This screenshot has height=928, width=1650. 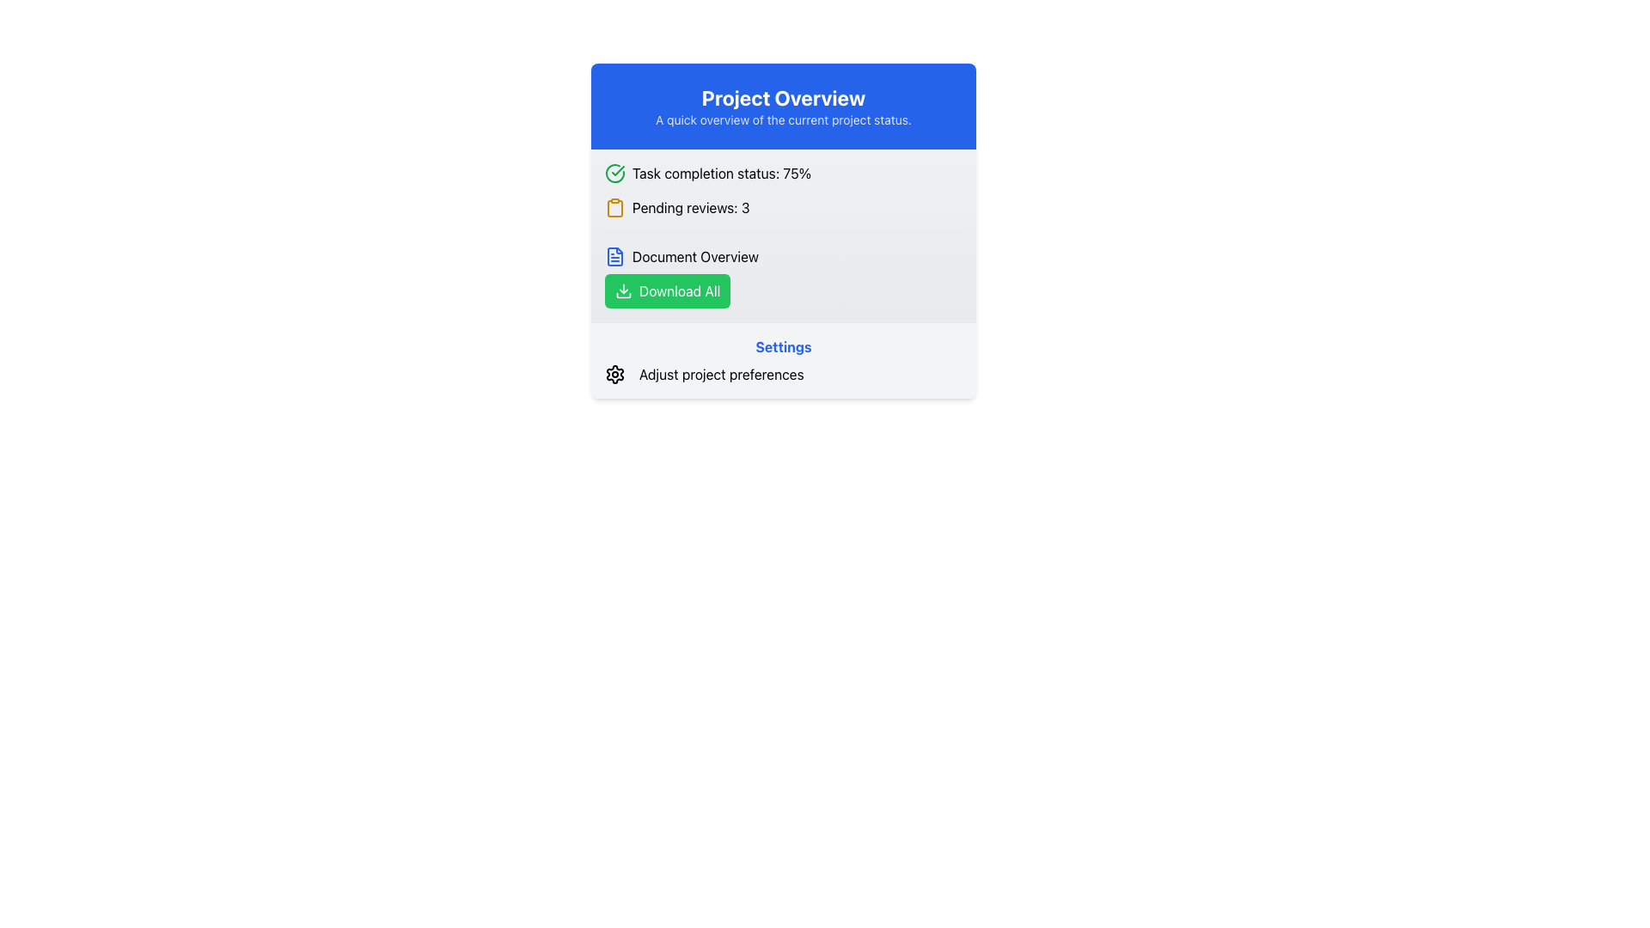 What do you see at coordinates (722, 173) in the screenshot?
I see `the informational text element that displays the completion percentage of a task, located in the first row of informational entries within a card, immediately to the right of a green circular checkmark icon` at bounding box center [722, 173].